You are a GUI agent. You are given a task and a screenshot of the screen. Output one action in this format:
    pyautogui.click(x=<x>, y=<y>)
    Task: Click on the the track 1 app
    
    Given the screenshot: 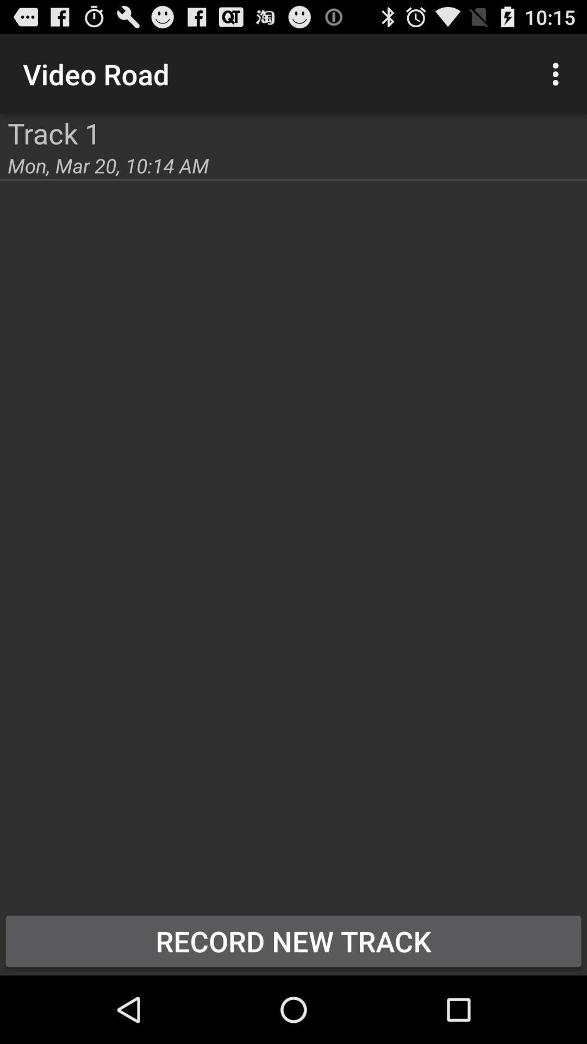 What is the action you would take?
    pyautogui.click(x=54, y=132)
    